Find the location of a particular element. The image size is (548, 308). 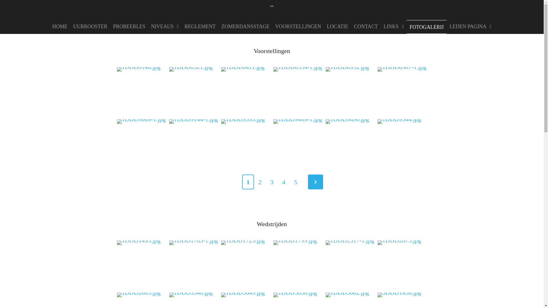

'ZOMERDANSSTAGE' is located at coordinates (218, 26).